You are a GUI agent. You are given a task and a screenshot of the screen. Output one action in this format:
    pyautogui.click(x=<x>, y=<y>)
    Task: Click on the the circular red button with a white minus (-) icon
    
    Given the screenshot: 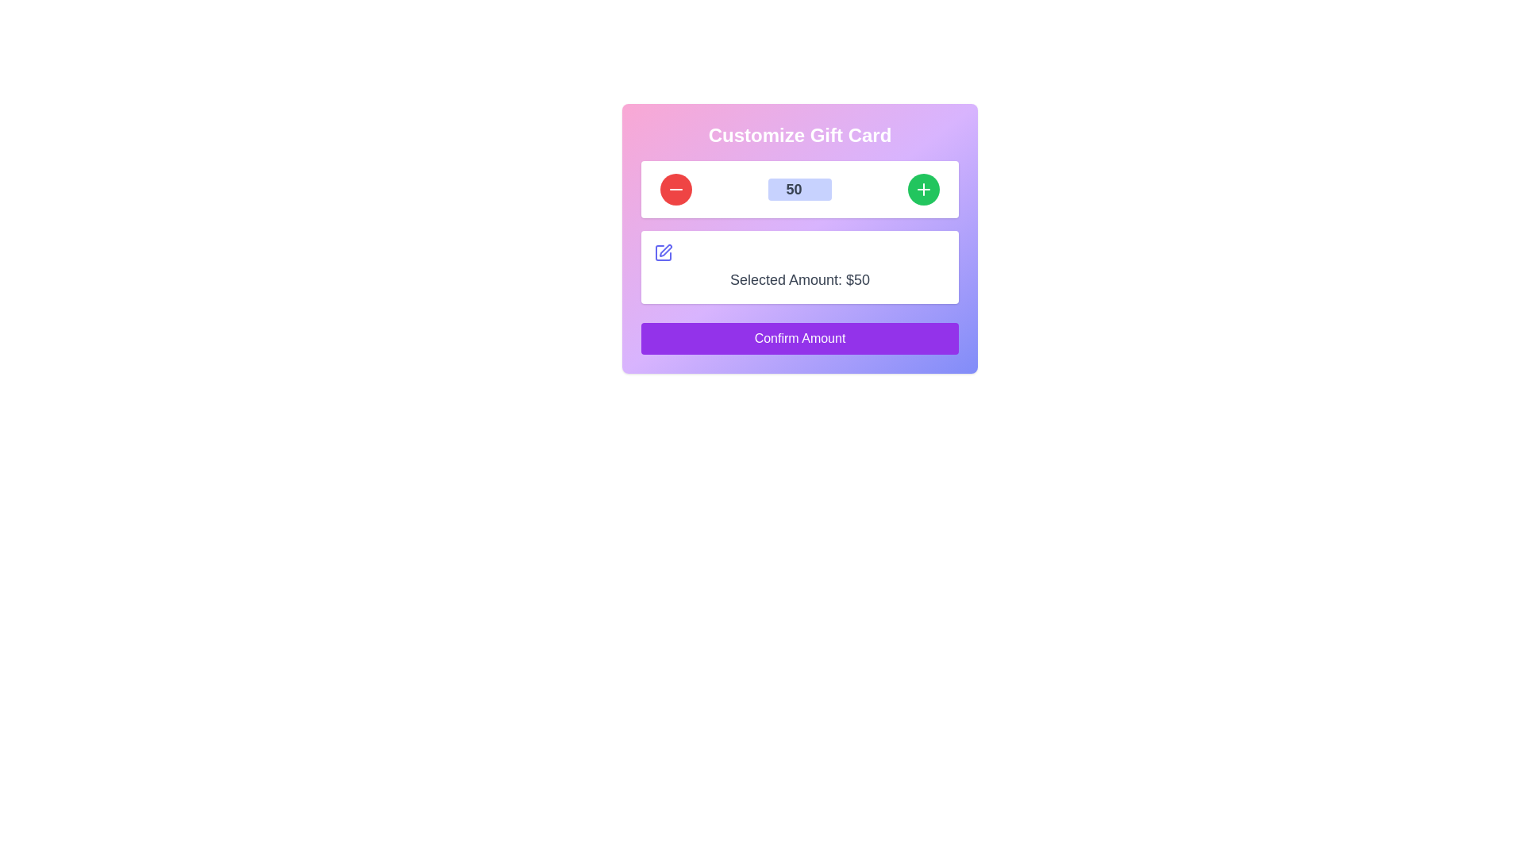 What is the action you would take?
    pyautogui.click(x=675, y=189)
    